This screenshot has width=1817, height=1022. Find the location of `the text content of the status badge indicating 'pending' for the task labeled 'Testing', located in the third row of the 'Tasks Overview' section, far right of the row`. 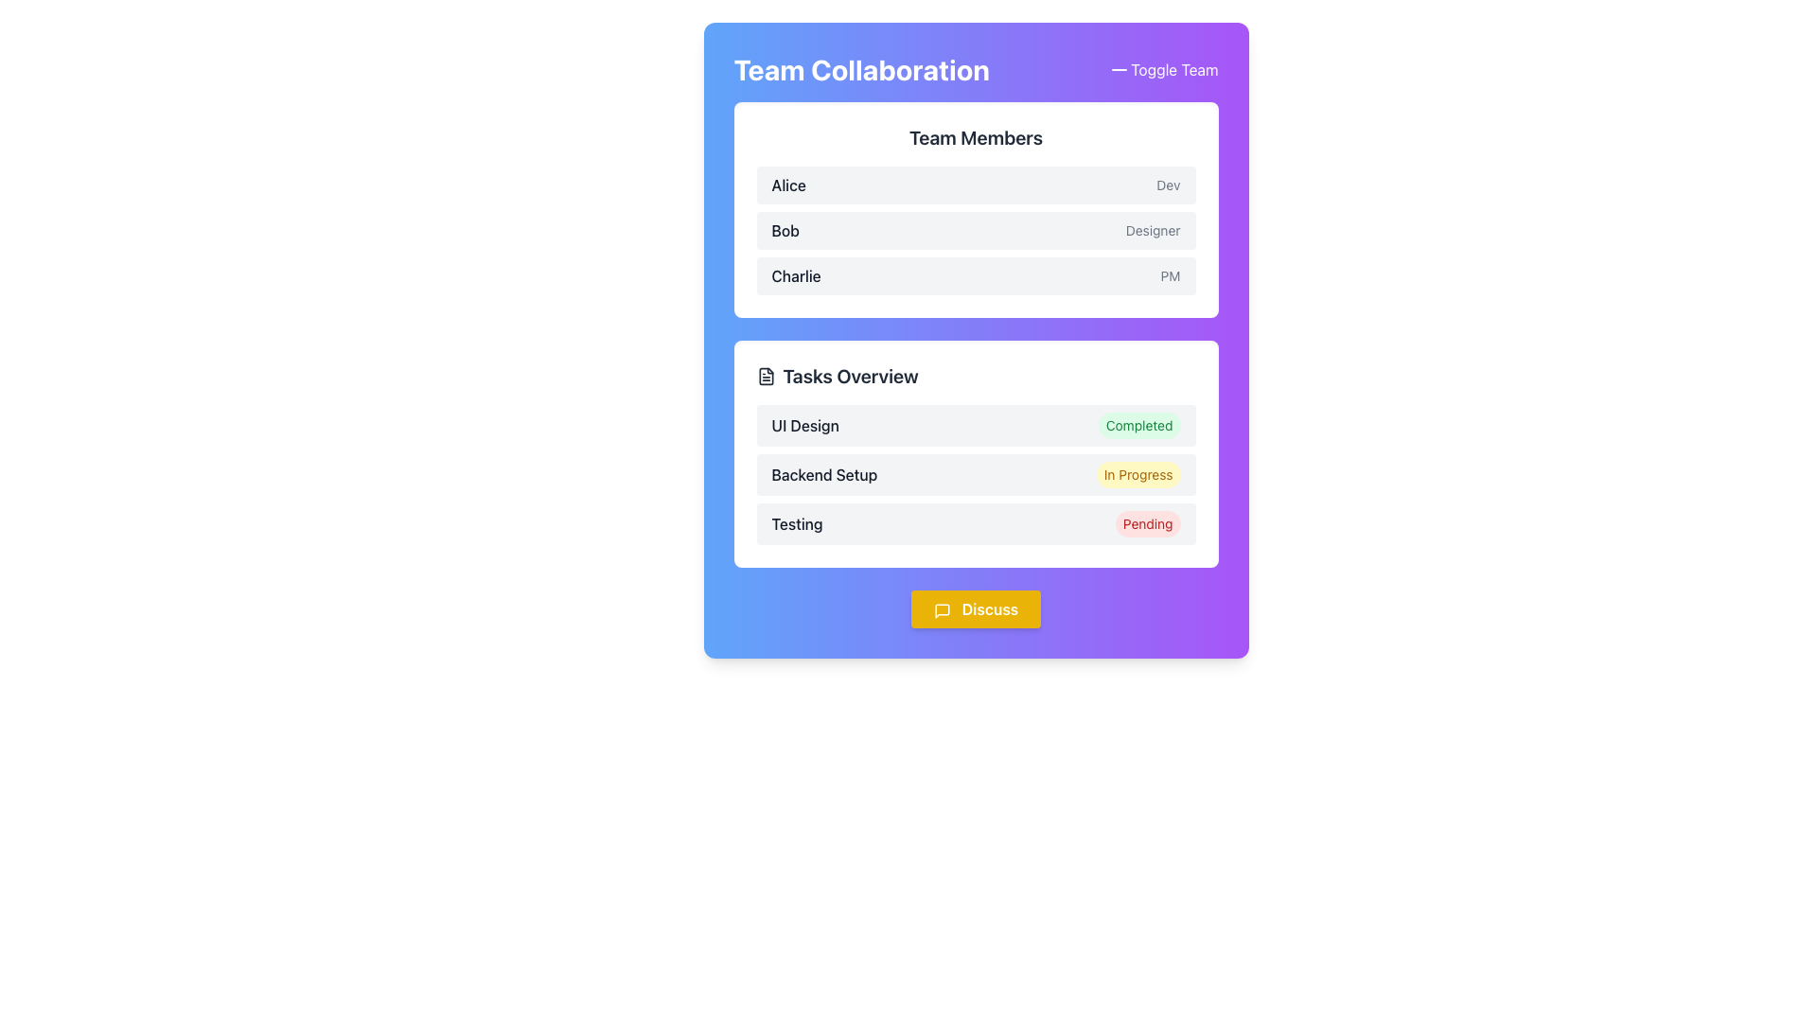

the text content of the status badge indicating 'pending' for the task labeled 'Testing', located in the third row of the 'Tasks Overview' section, far right of the row is located at coordinates (1147, 524).